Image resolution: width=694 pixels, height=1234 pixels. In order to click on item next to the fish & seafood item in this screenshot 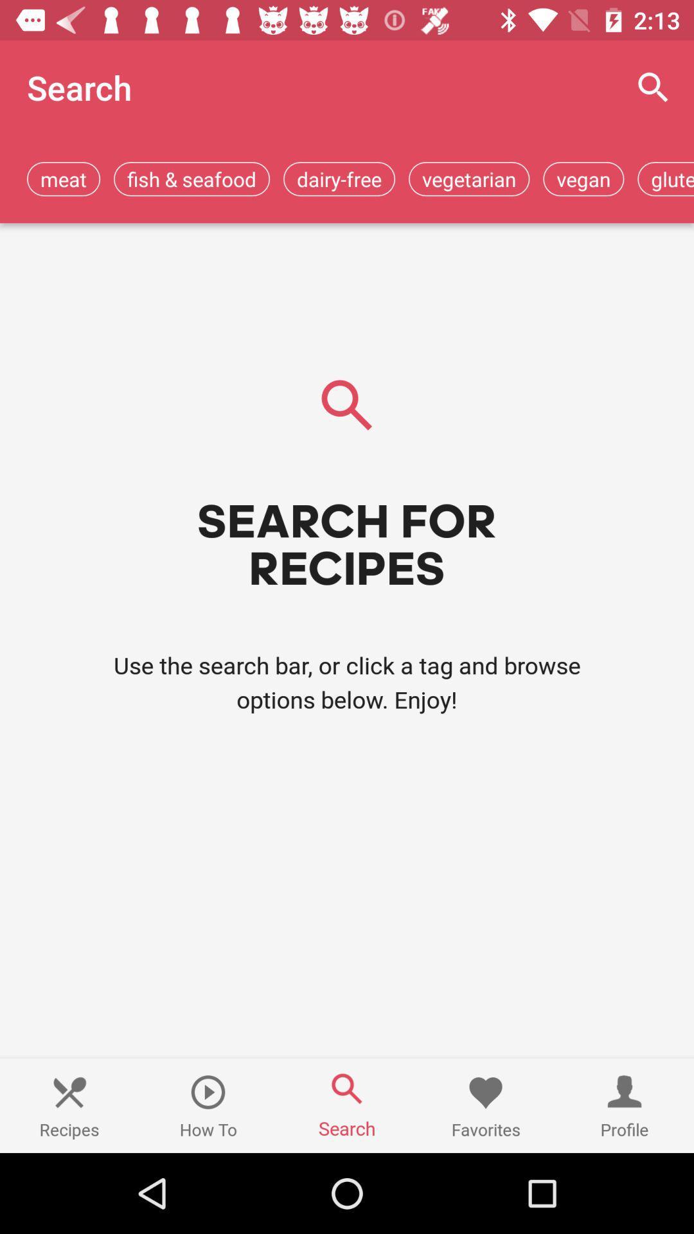, I will do `click(339, 178)`.